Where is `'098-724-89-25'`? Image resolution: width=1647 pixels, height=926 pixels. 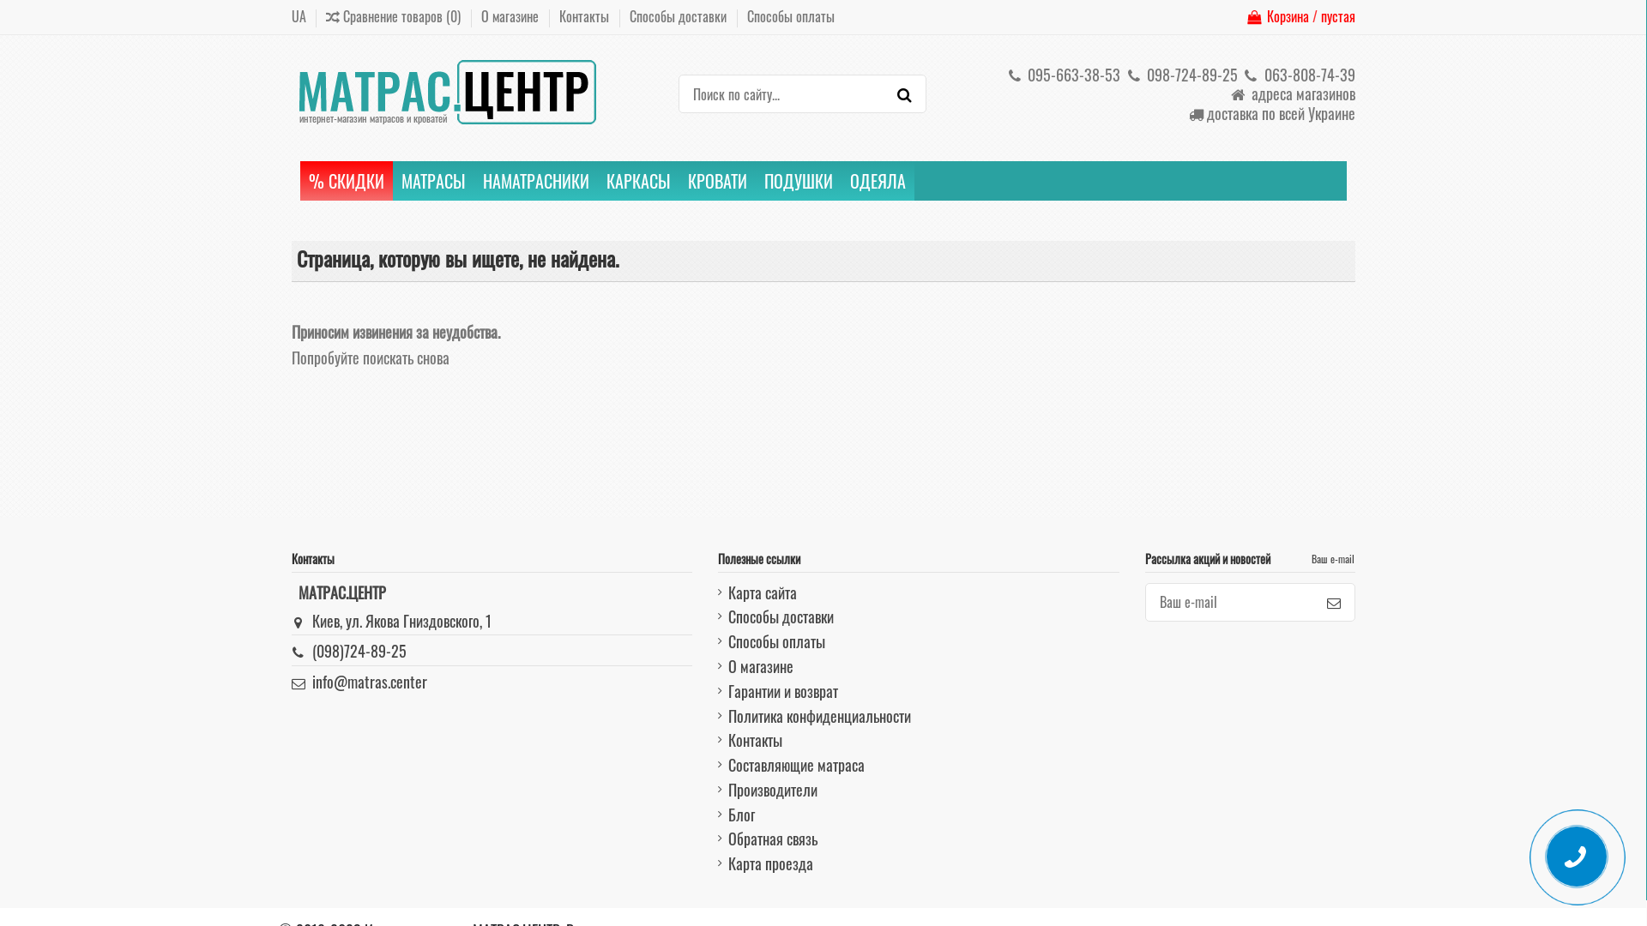 '098-724-89-25' is located at coordinates (1179, 74).